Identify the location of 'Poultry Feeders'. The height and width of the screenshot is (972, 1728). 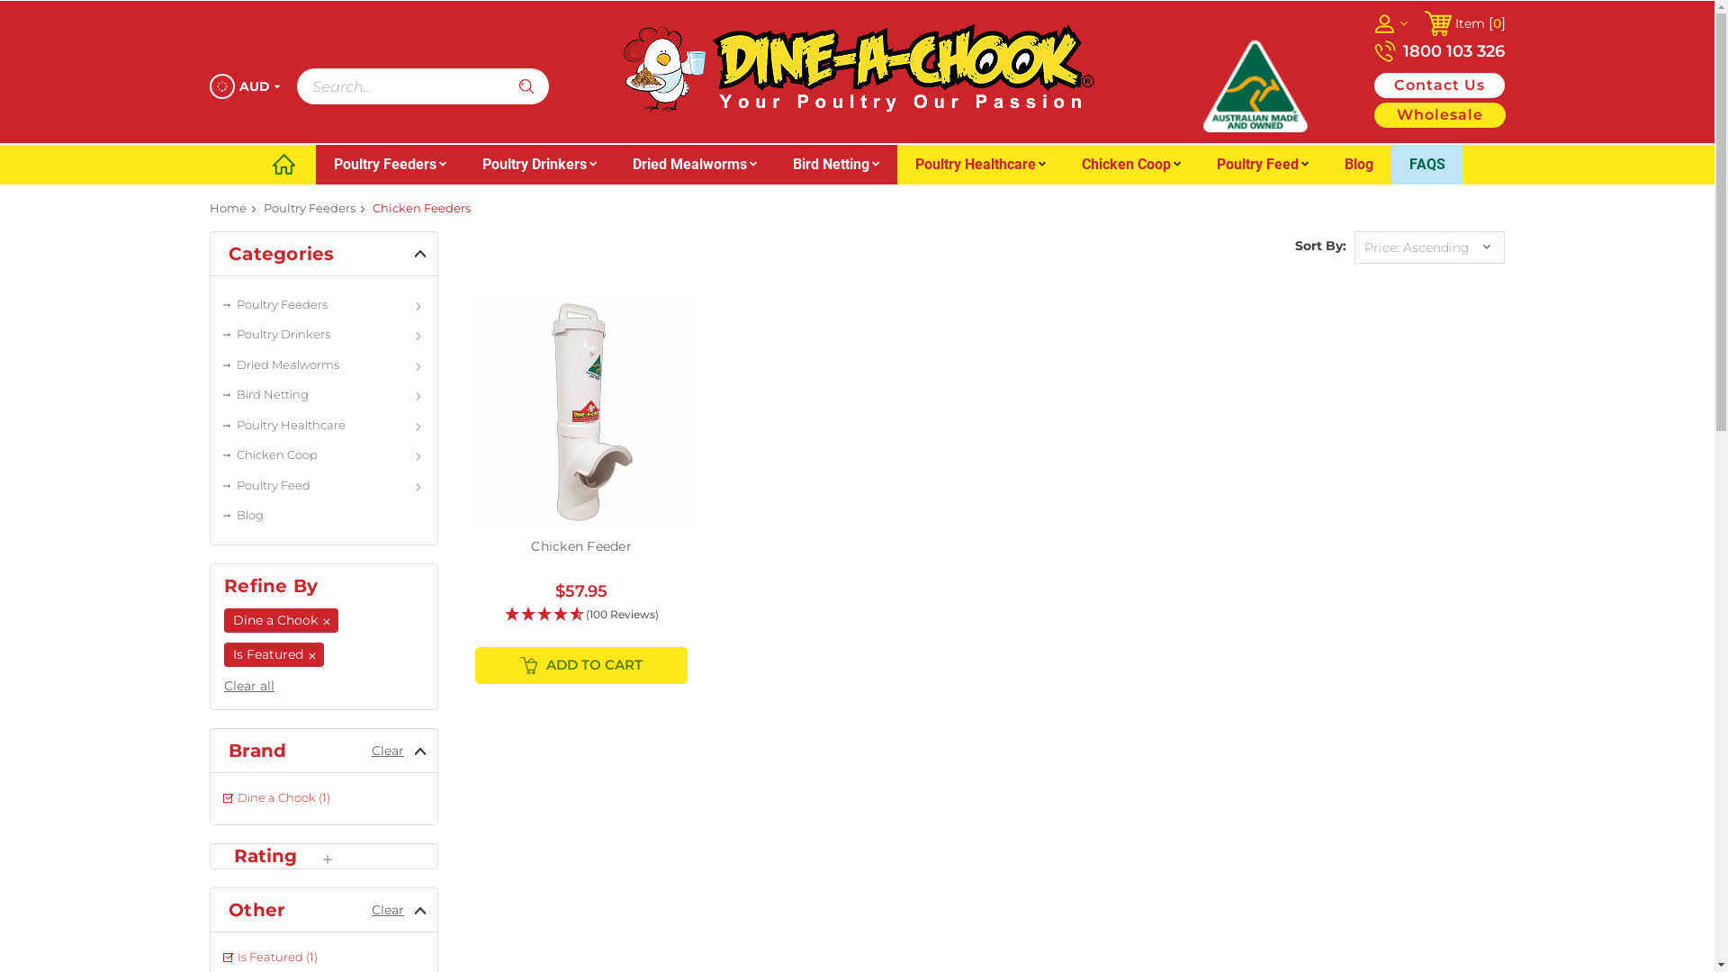
(324, 304).